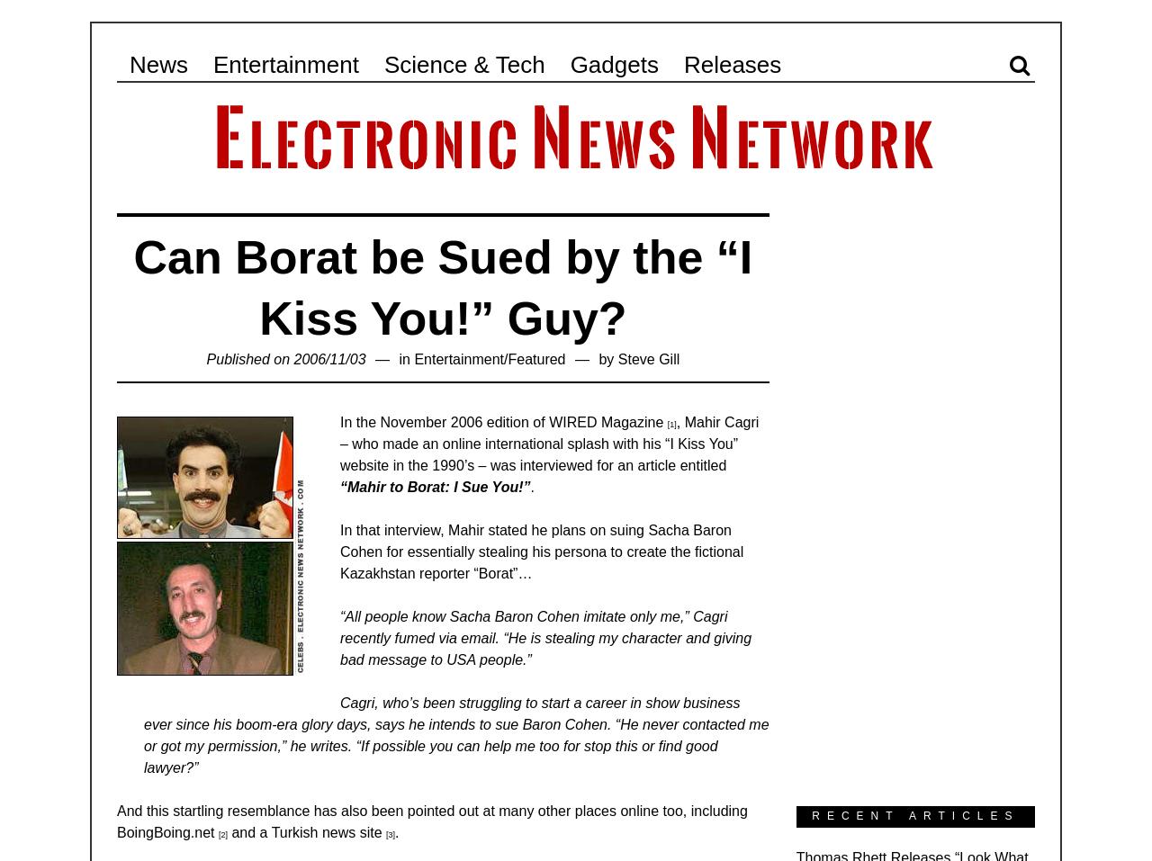  Describe the element at coordinates (606, 358) in the screenshot. I see `'by'` at that location.